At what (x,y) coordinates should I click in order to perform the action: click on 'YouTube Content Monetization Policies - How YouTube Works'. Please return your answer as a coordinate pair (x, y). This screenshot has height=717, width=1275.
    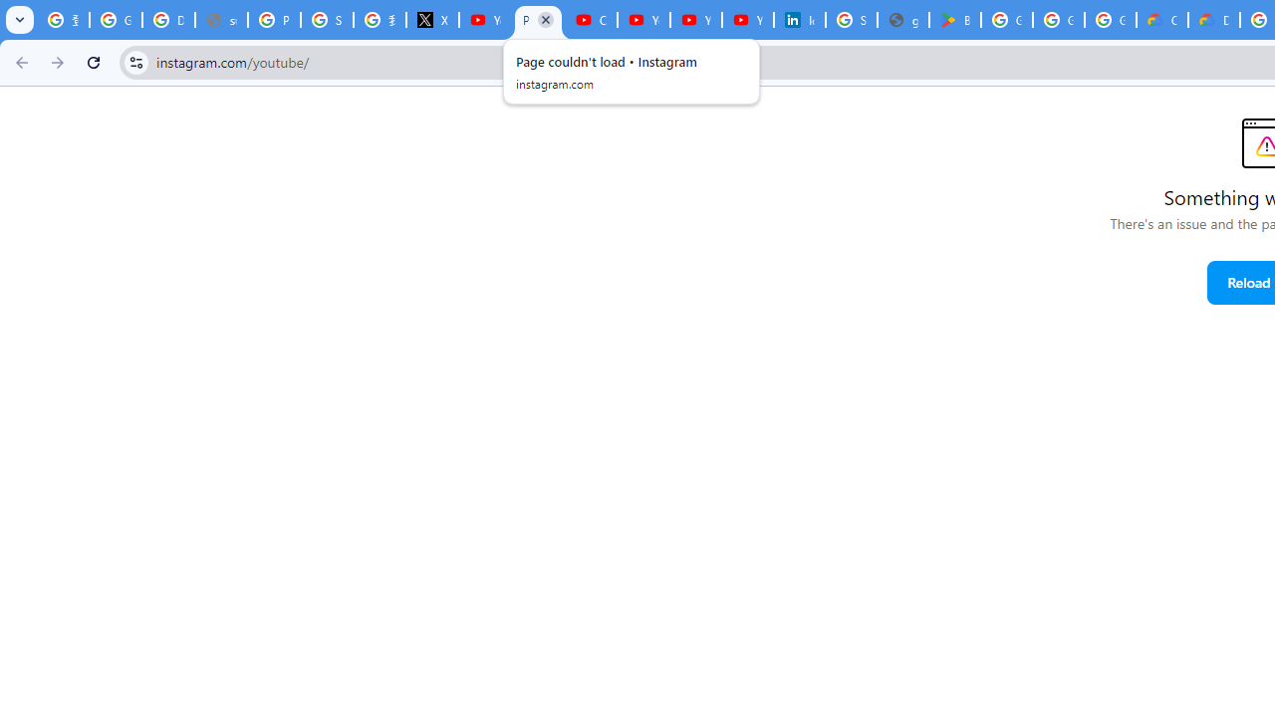
    Looking at the image, I should click on (485, 20).